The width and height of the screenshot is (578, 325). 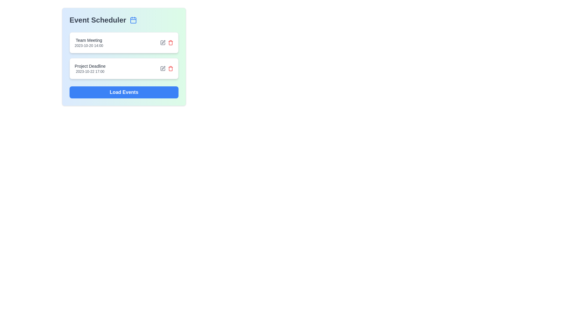 What do you see at coordinates (163, 68) in the screenshot?
I see `the Edit Functionality icon located to the left of the trash bin icon in the Project Deadline section to initiate editing the event details` at bounding box center [163, 68].